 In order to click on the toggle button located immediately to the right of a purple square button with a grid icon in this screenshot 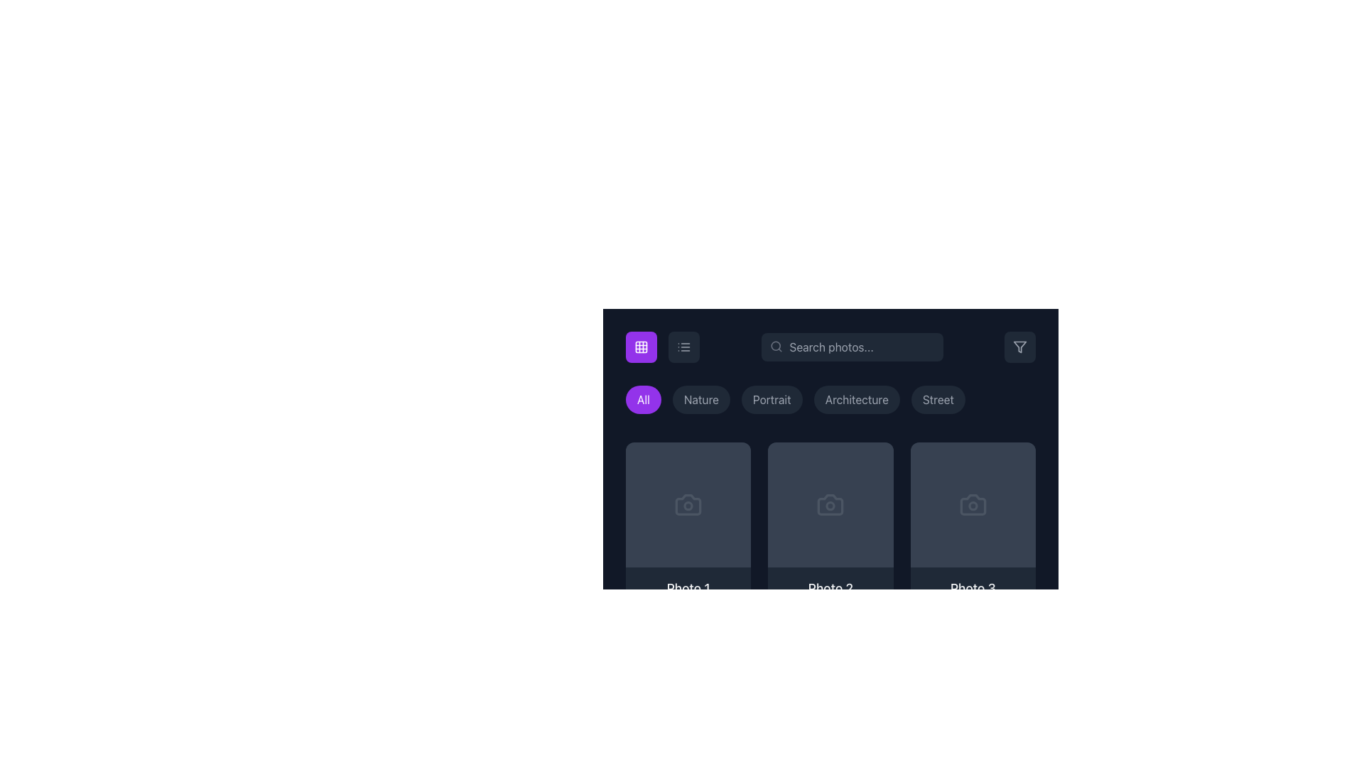, I will do `click(684, 347)`.